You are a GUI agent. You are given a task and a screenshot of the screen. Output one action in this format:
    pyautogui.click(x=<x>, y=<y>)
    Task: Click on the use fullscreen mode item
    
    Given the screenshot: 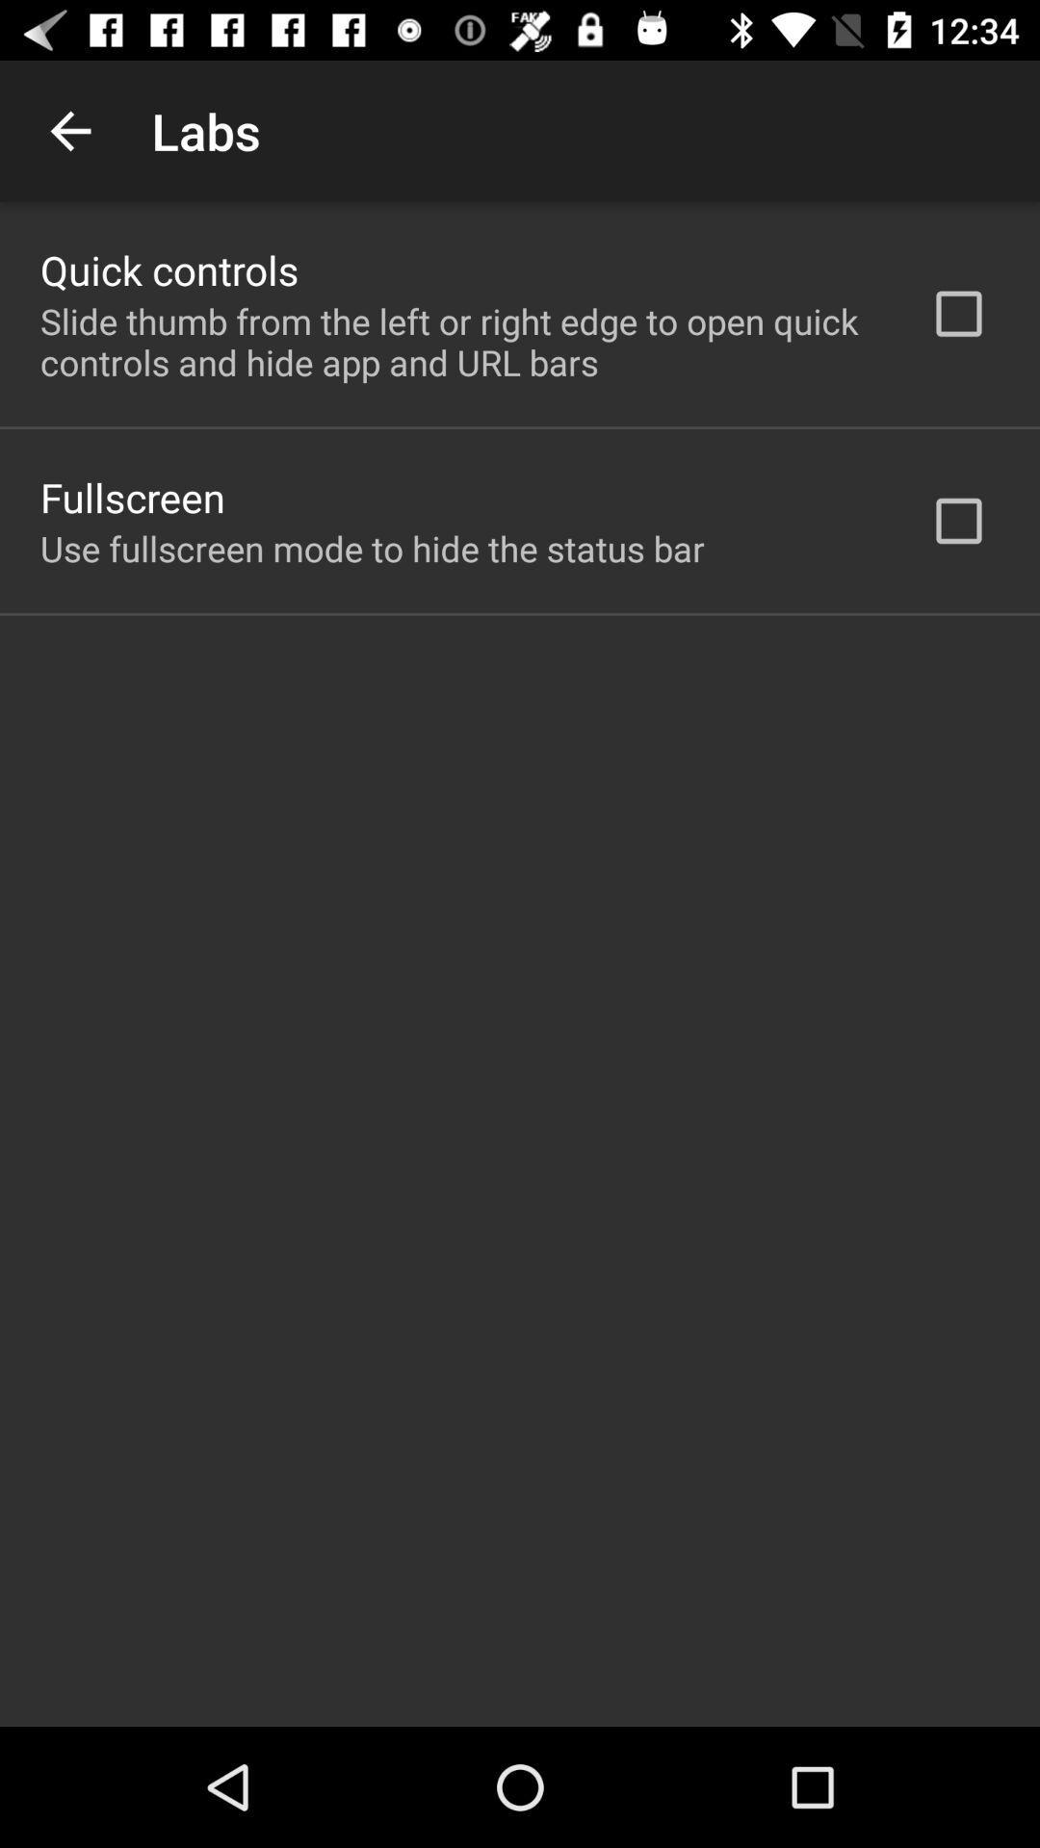 What is the action you would take?
    pyautogui.click(x=372, y=548)
    